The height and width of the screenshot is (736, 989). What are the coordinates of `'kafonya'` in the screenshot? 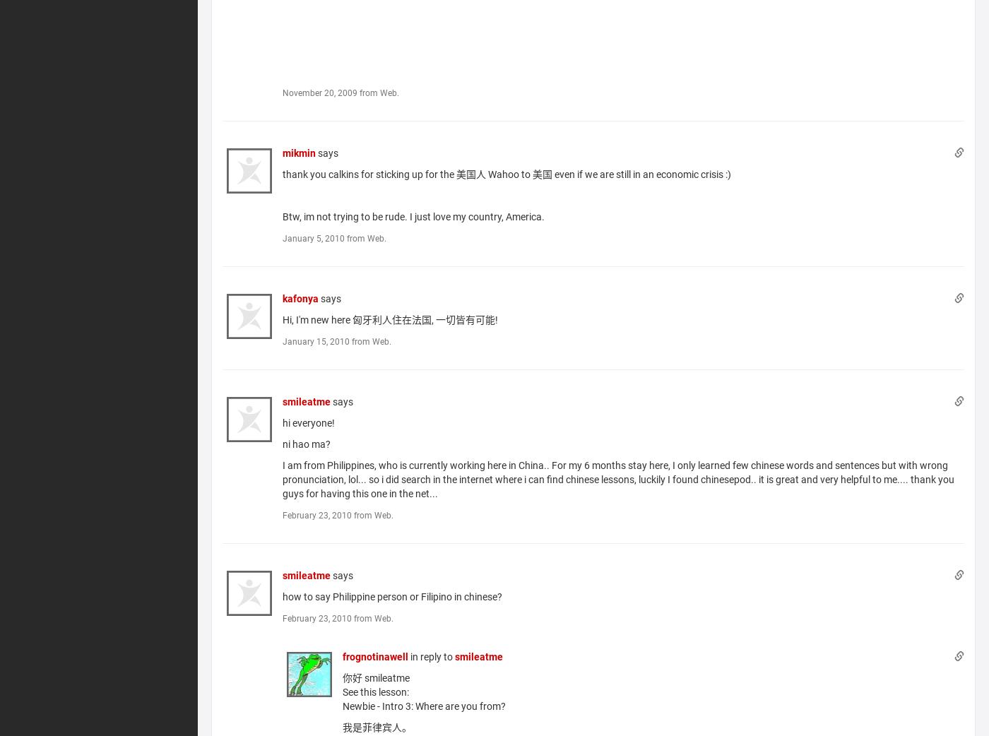 It's located at (300, 297).